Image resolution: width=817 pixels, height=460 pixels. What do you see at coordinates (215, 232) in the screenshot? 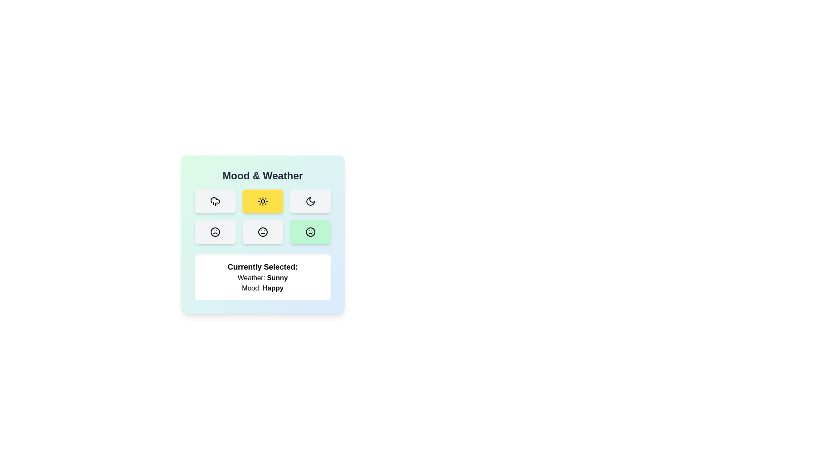
I see `the sad face icon, which is a circular icon with two dots for eyes and a downward curve for a mouth, located in the bottom row, center column of a 3x3 grid within a card component` at bounding box center [215, 232].